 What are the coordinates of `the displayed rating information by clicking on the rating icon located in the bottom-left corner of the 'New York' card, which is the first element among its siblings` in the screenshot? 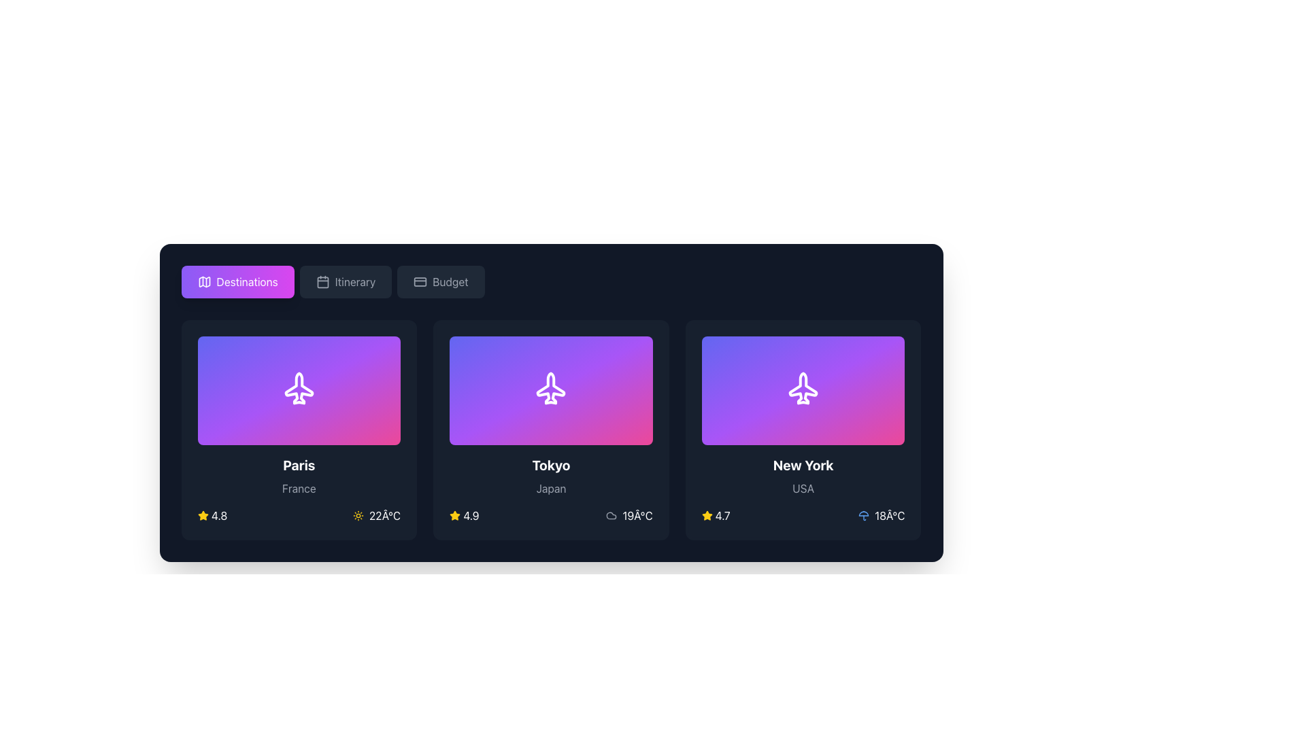 It's located at (715, 516).